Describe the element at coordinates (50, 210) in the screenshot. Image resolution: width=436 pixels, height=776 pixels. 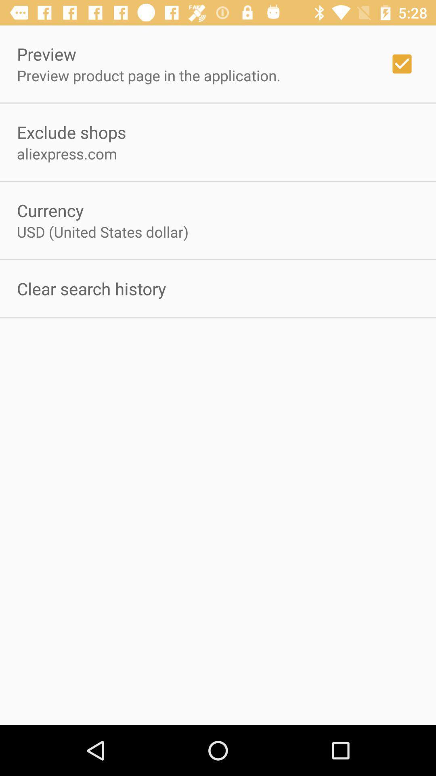
I see `the item below the aliexpress.com app` at that location.